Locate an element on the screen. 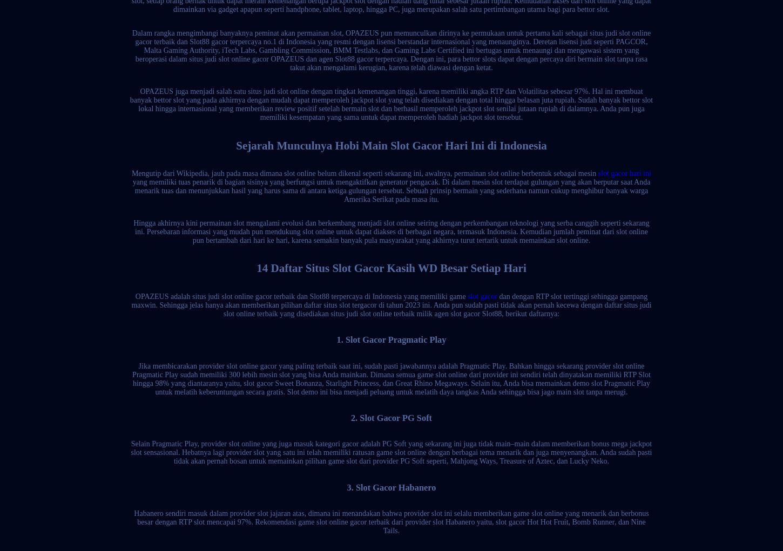 The image size is (783, 551). 'slot gacor hari ini' is located at coordinates (624, 173).